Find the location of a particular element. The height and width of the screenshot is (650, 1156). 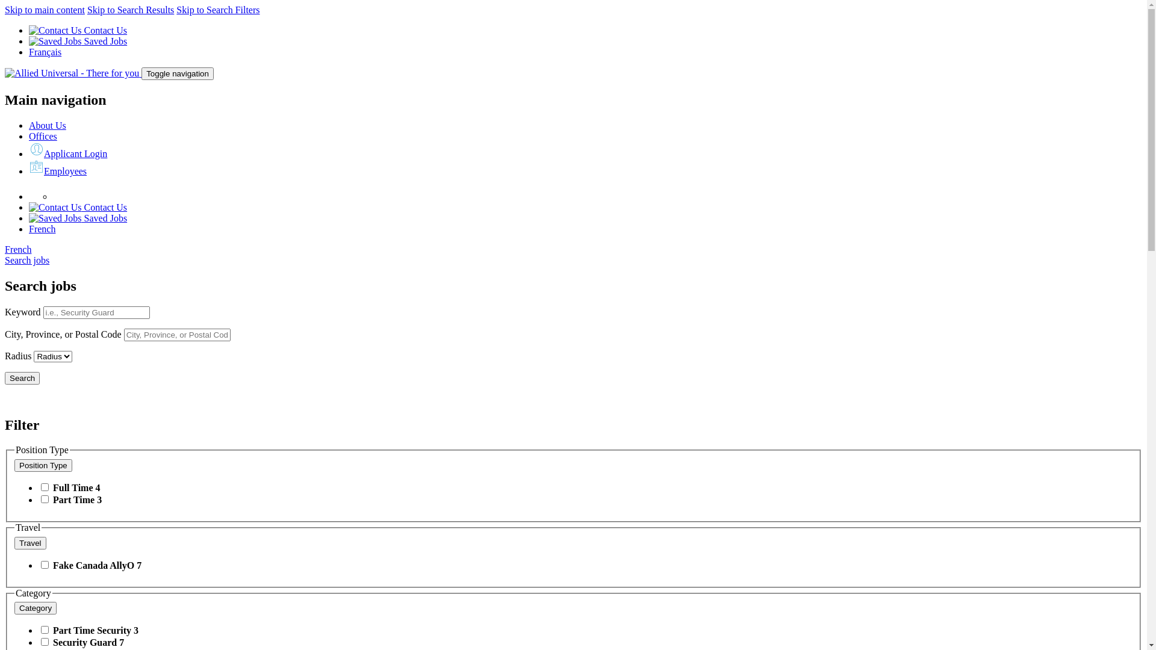

'Applicant Login' is located at coordinates (67, 153).